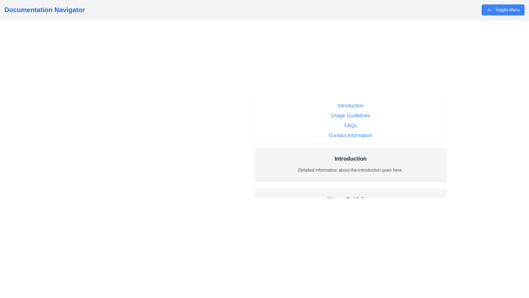 The width and height of the screenshot is (529, 298). What do you see at coordinates (489, 10) in the screenshot?
I see `the upward chevron icon located on the blue 'Toggle Menu' button in the top-right corner of the interface` at bounding box center [489, 10].